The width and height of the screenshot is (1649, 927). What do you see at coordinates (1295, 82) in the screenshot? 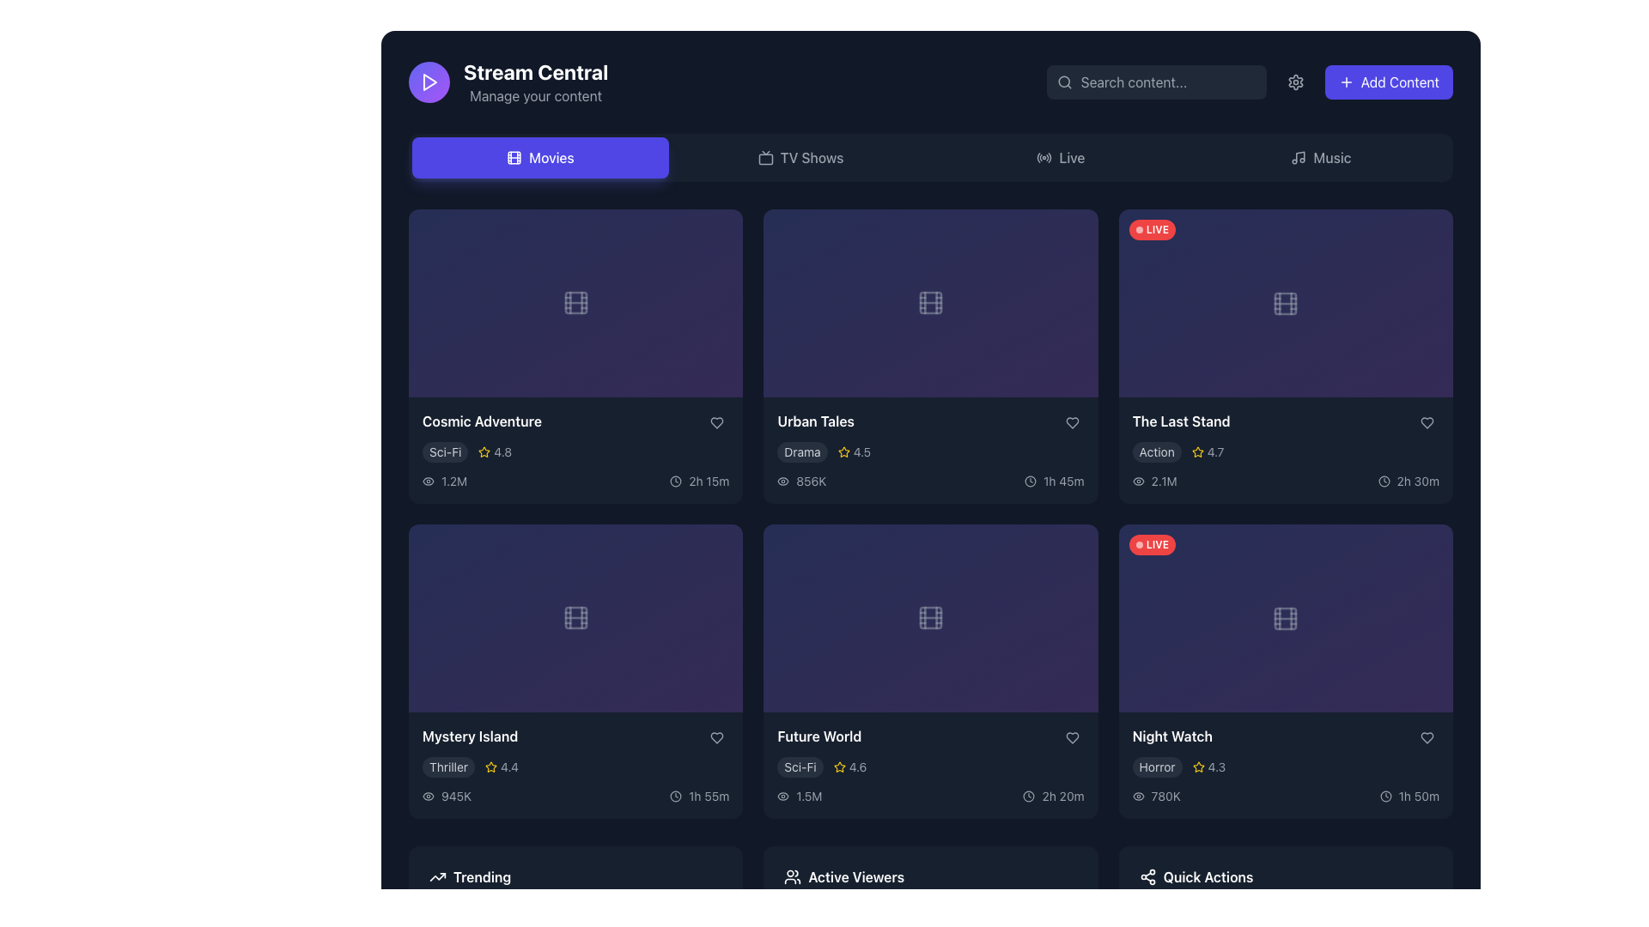
I see `the gear-shaped icon in the top-right corner of the interface, which is styled with a minimalist line-drawing and is adjacent to the 'Add Content' button` at bounding box center [1295, 82].